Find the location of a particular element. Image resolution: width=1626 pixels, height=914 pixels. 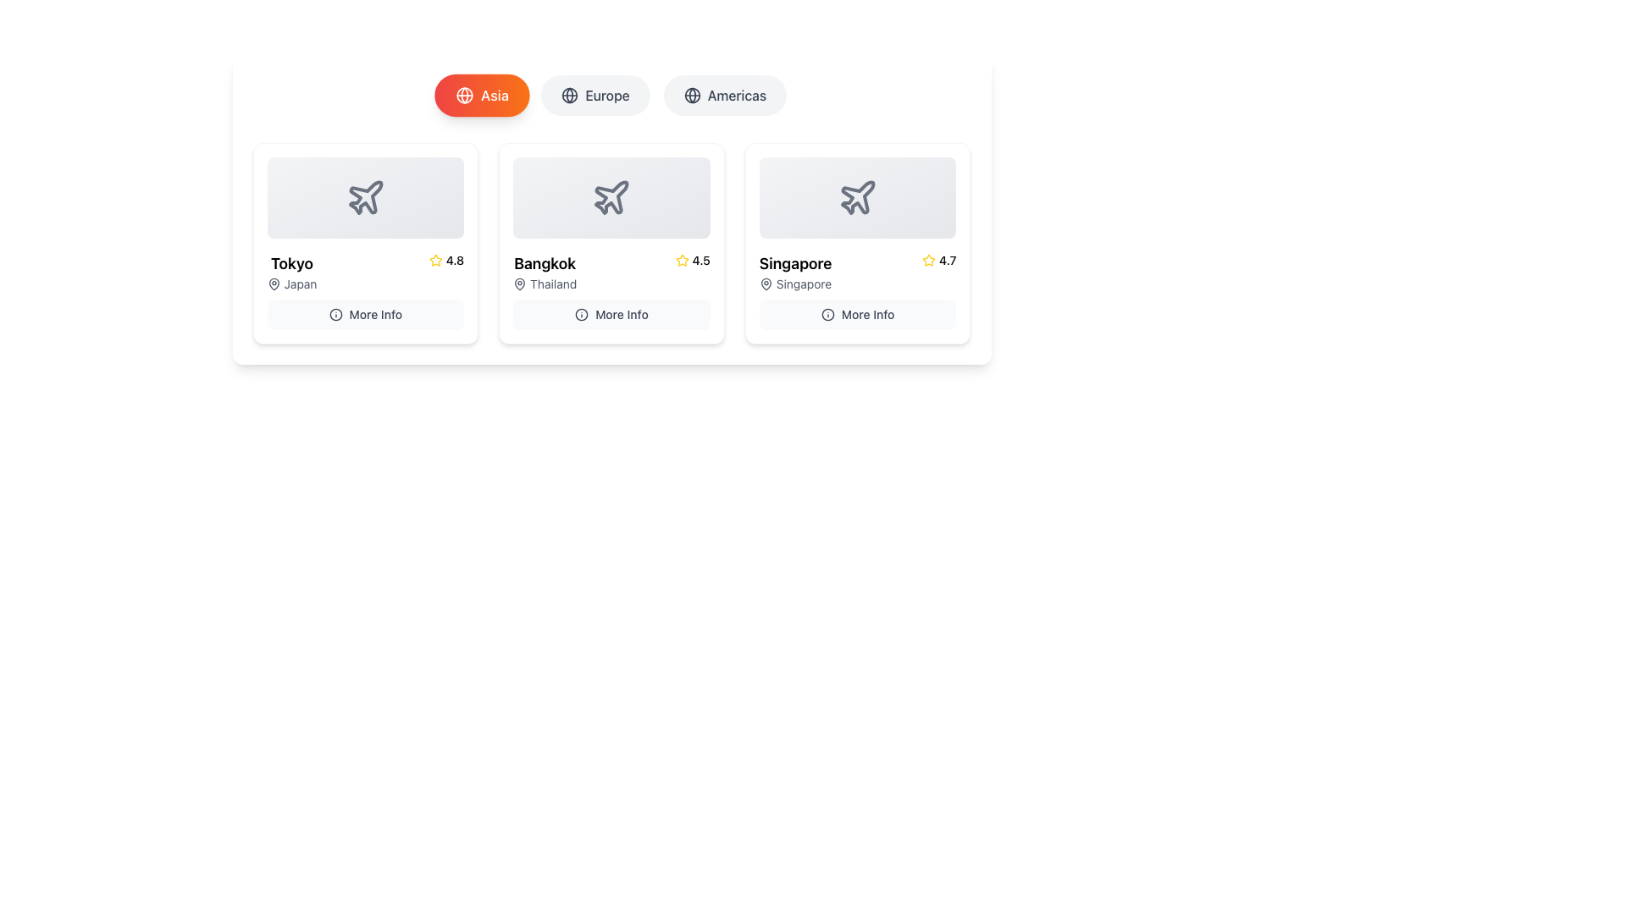

the icon representing part of the rating system located to the left of the text '4.7' in the Singapore destination card is located at coordinates (928, 261).